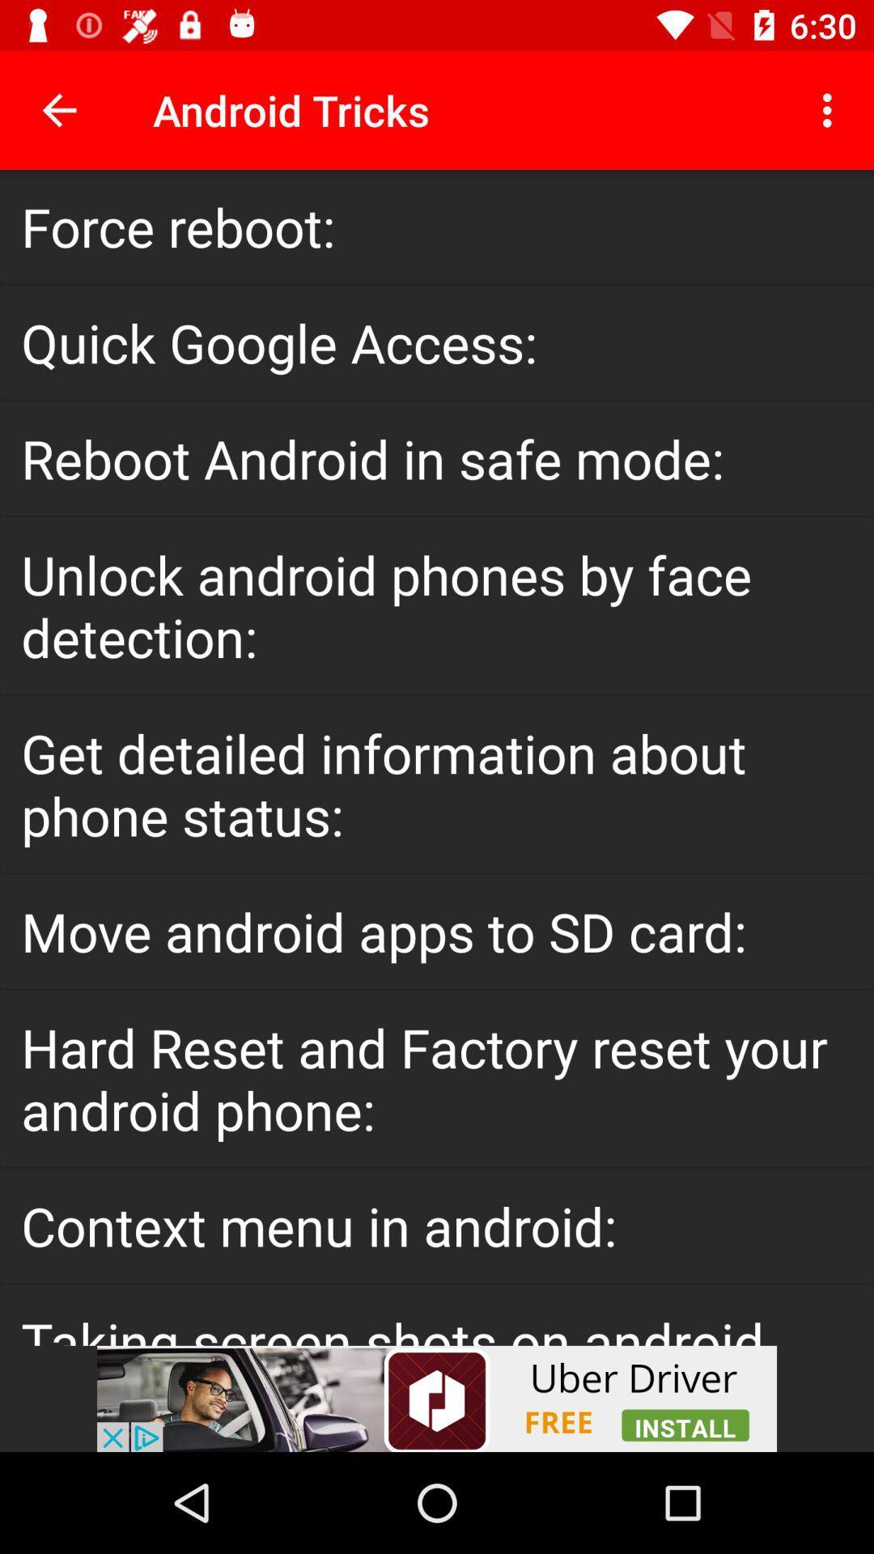  Describe the element at coordinates (437, 1398) in the screenshot. I see `launch advertisement` at that location.